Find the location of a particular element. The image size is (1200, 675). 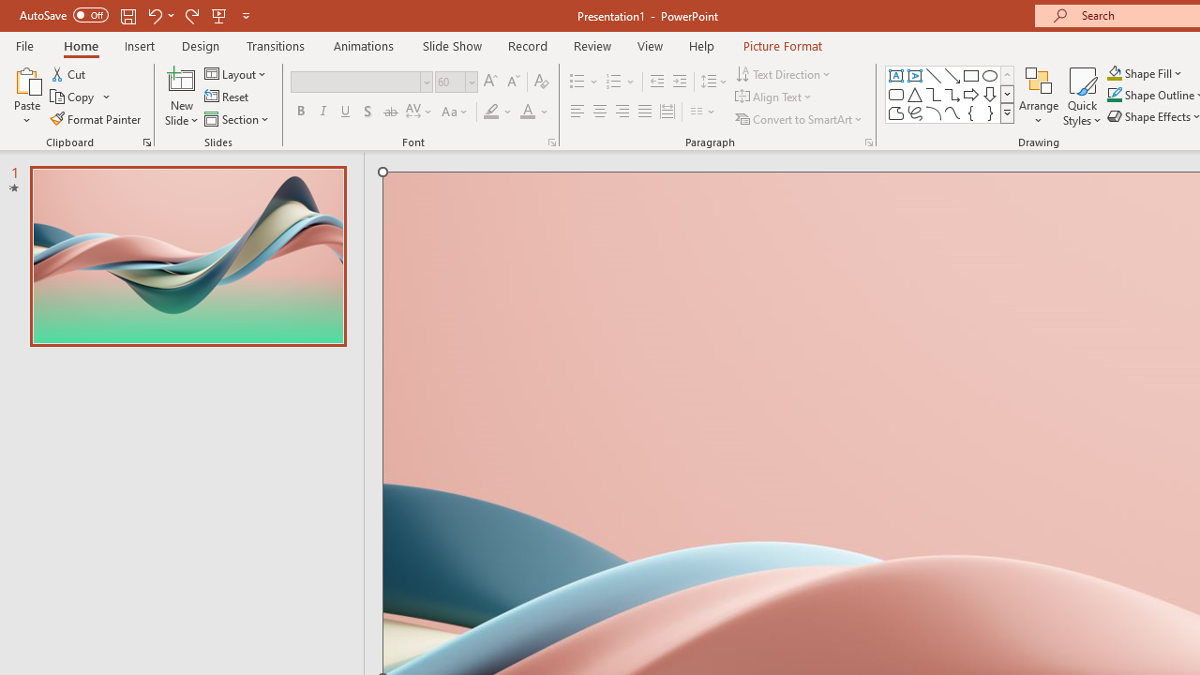

'Picture Format' is located at coordinates (783, 45).